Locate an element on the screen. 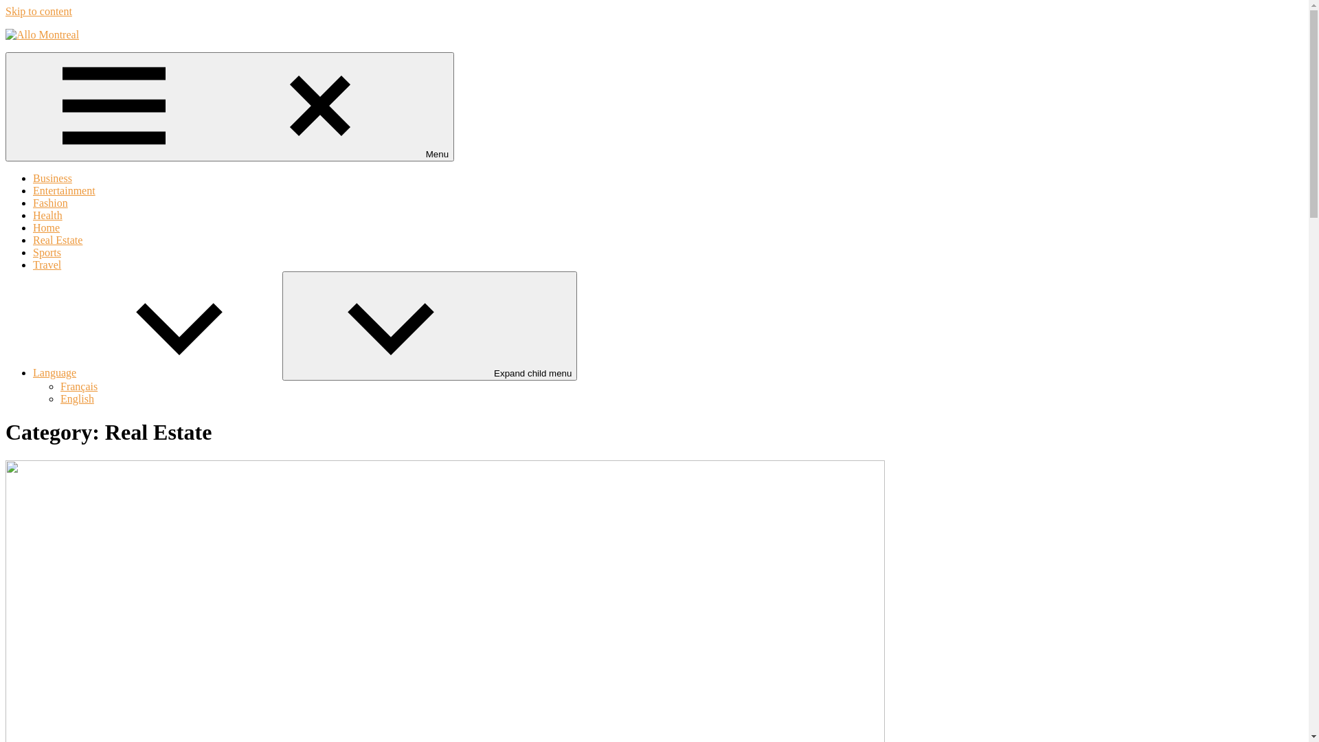 This screenshot has height=742, width=1319. 'Language' is located at coordinates (157, 372).